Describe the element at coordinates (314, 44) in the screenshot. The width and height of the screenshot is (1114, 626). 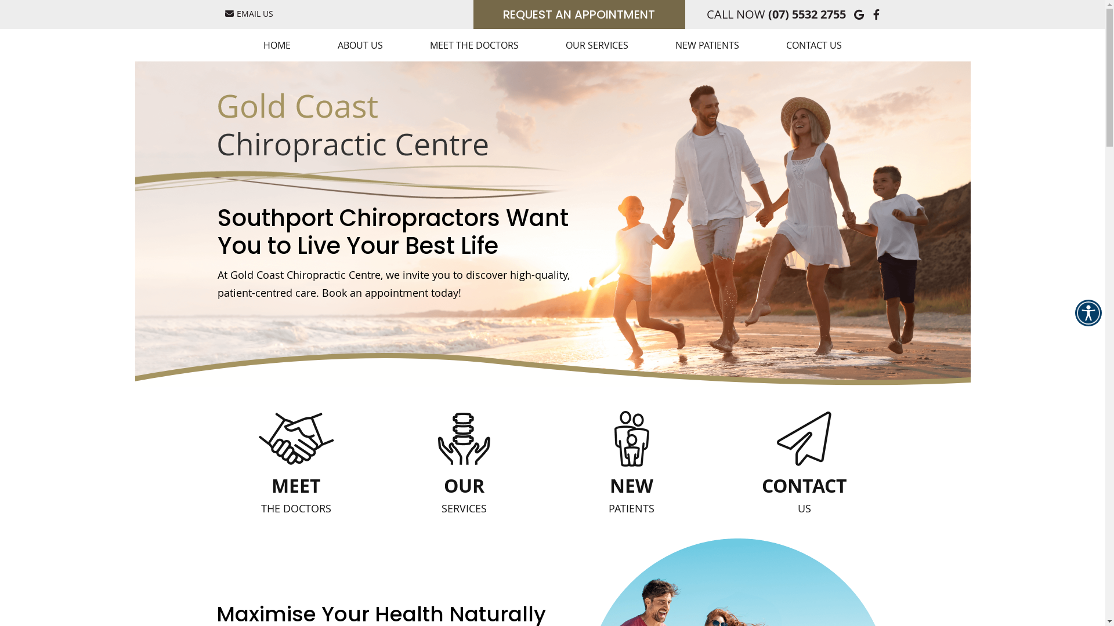
I see `'ABOUT US'` at that location.